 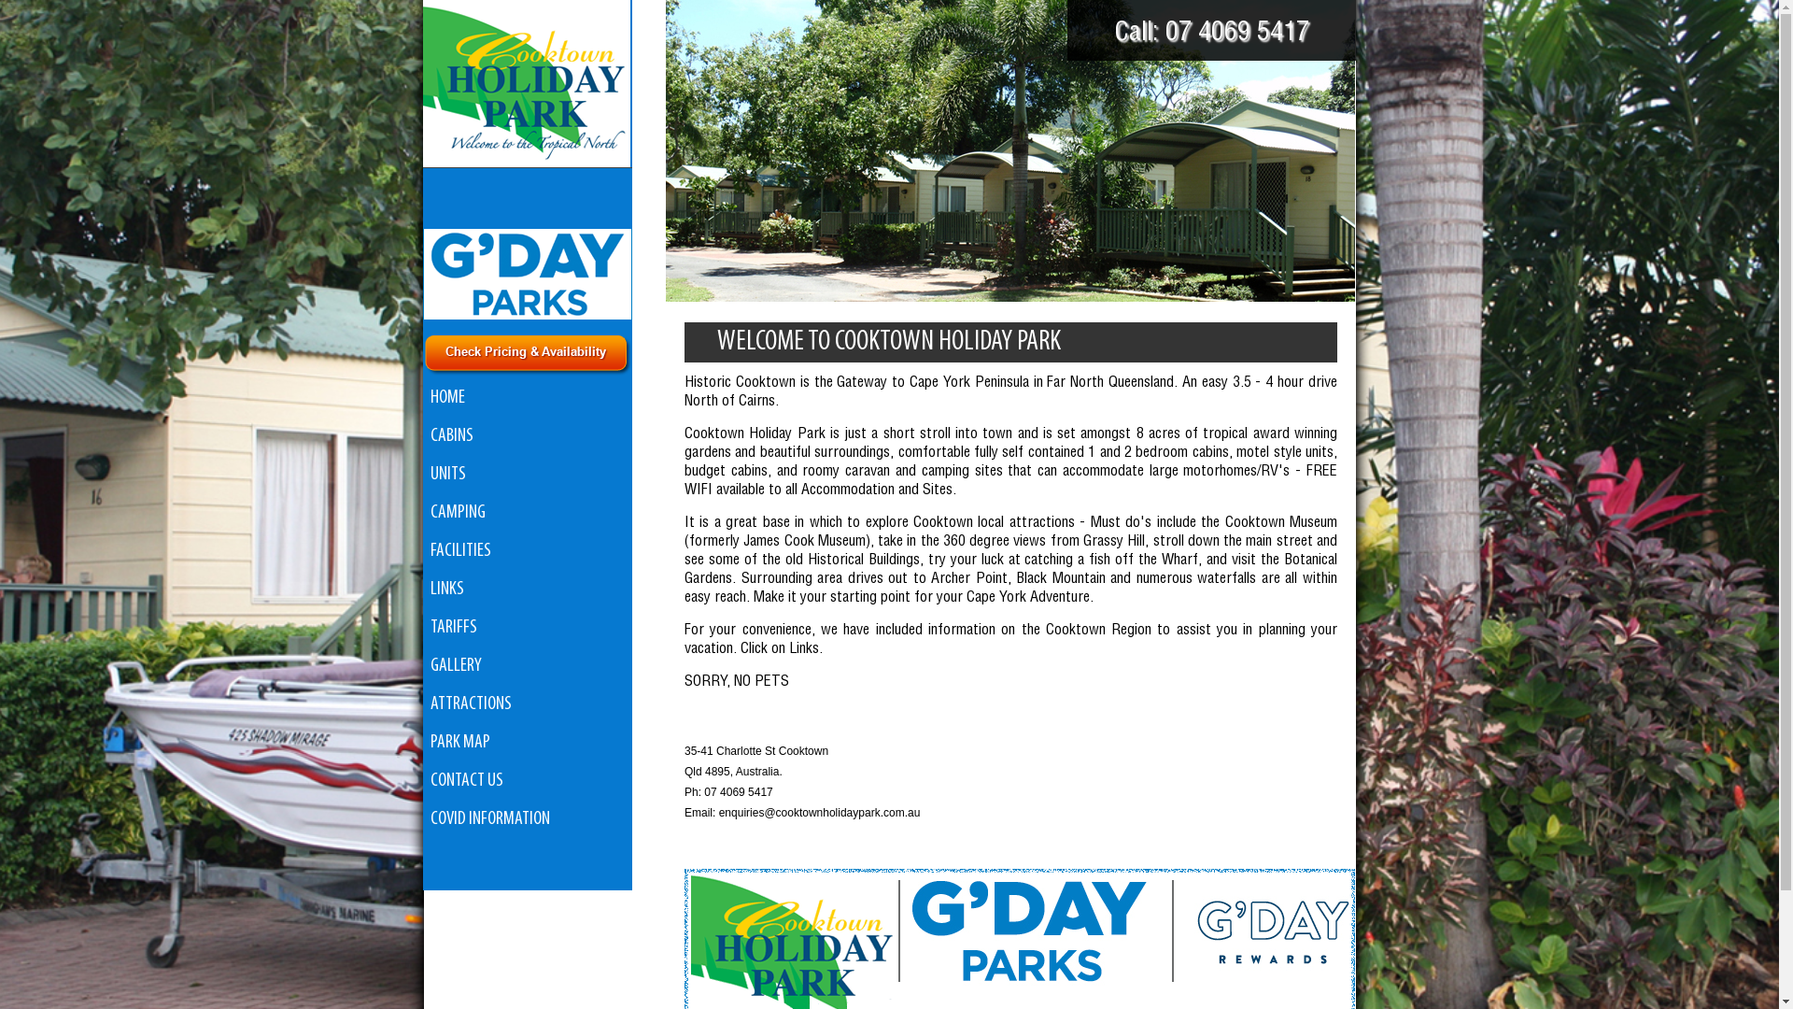 What do you see at coordinates (527, 550) in the screenshot?
I see `'FACILITIES'` at bounding box center [527, 550].